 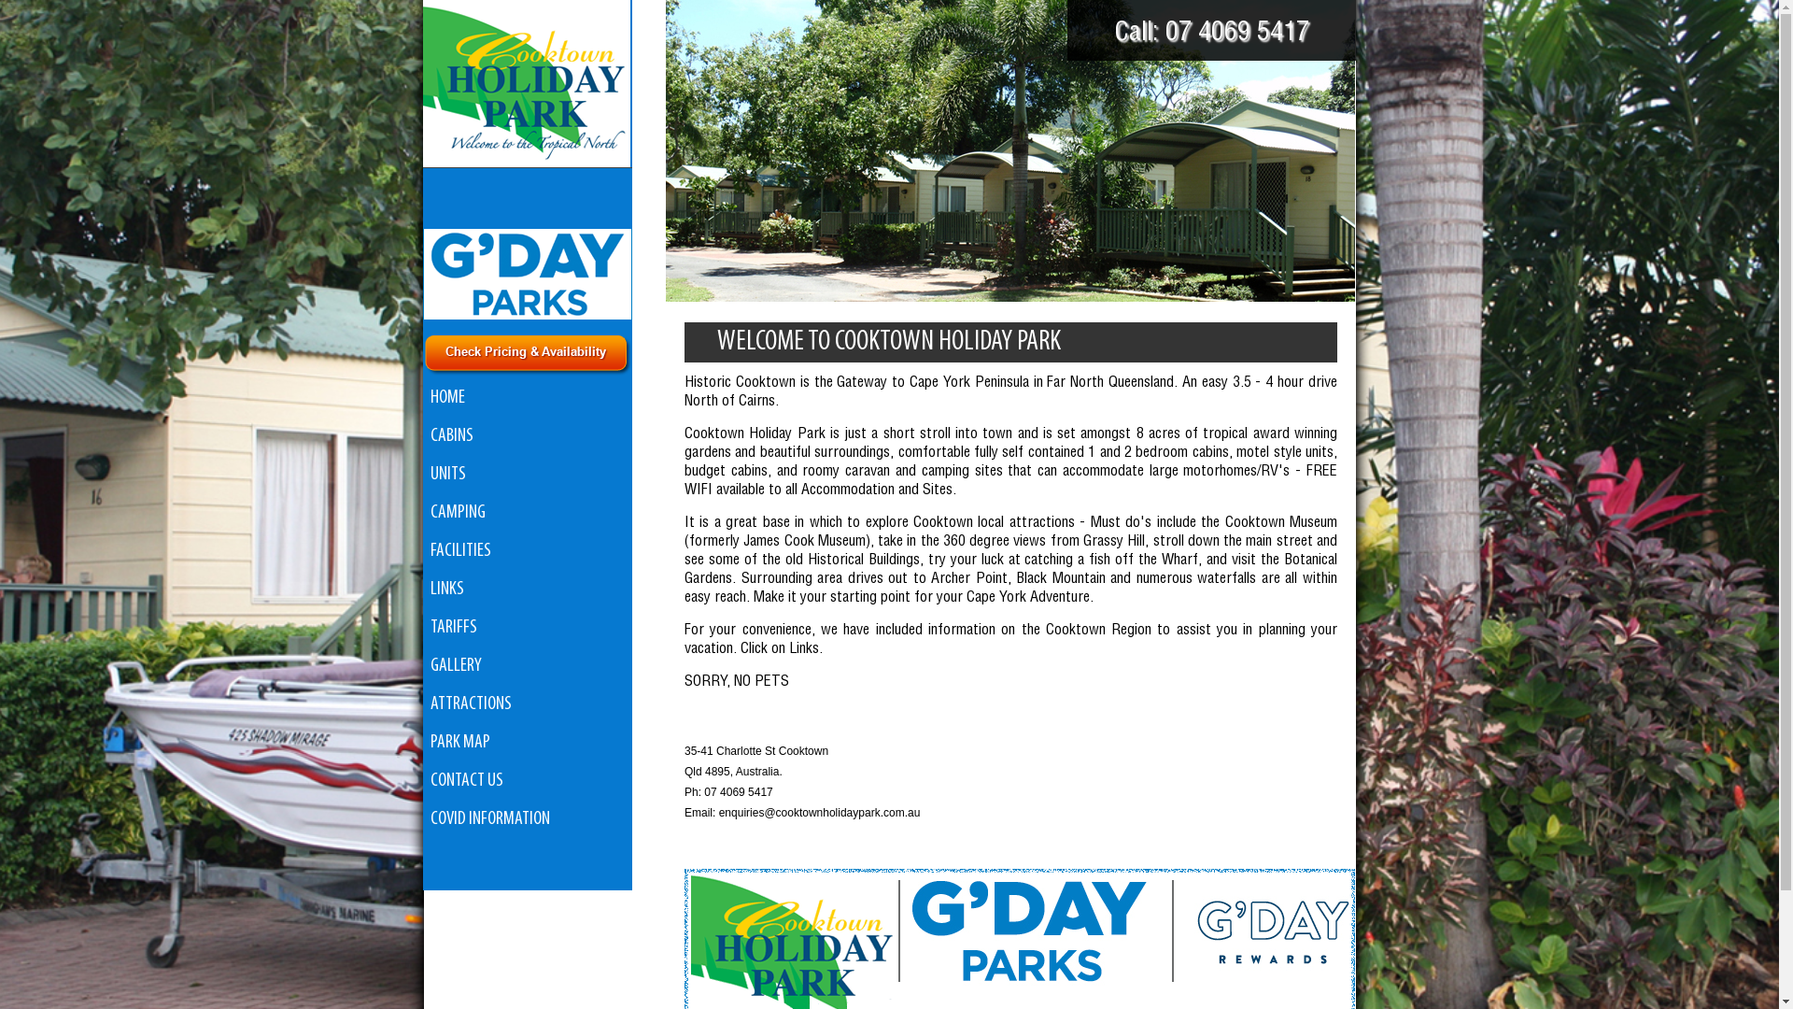 What do you see at coordinates (527, 550) in the screenshot?
I see `'FACILITIES'` at bounding box center [527, 550].